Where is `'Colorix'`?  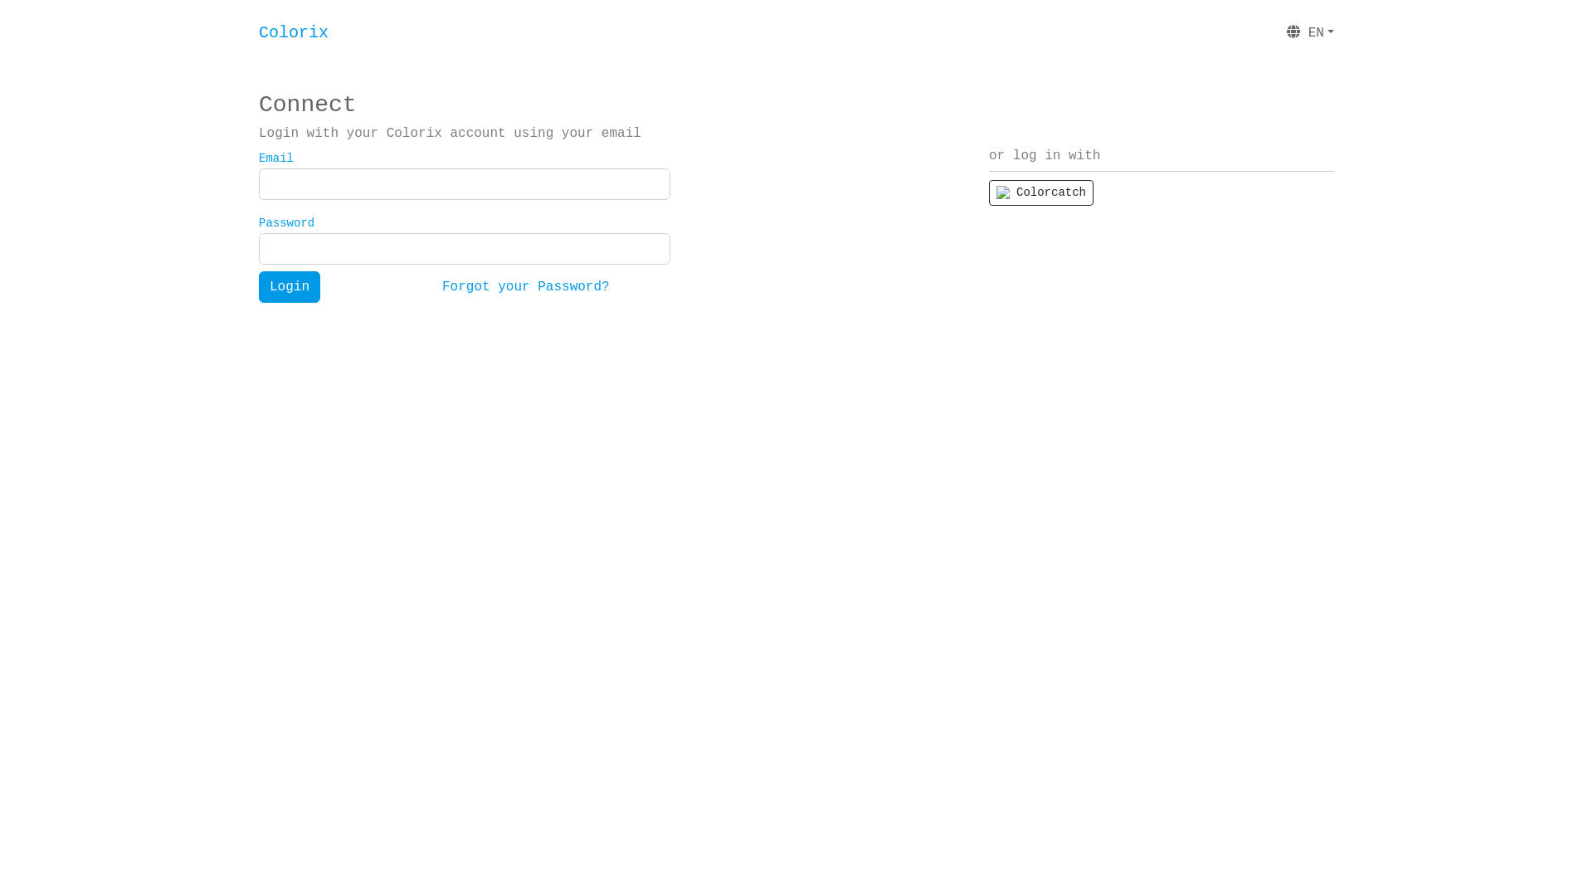 'Colorix' is located at coordinates (294, 32).